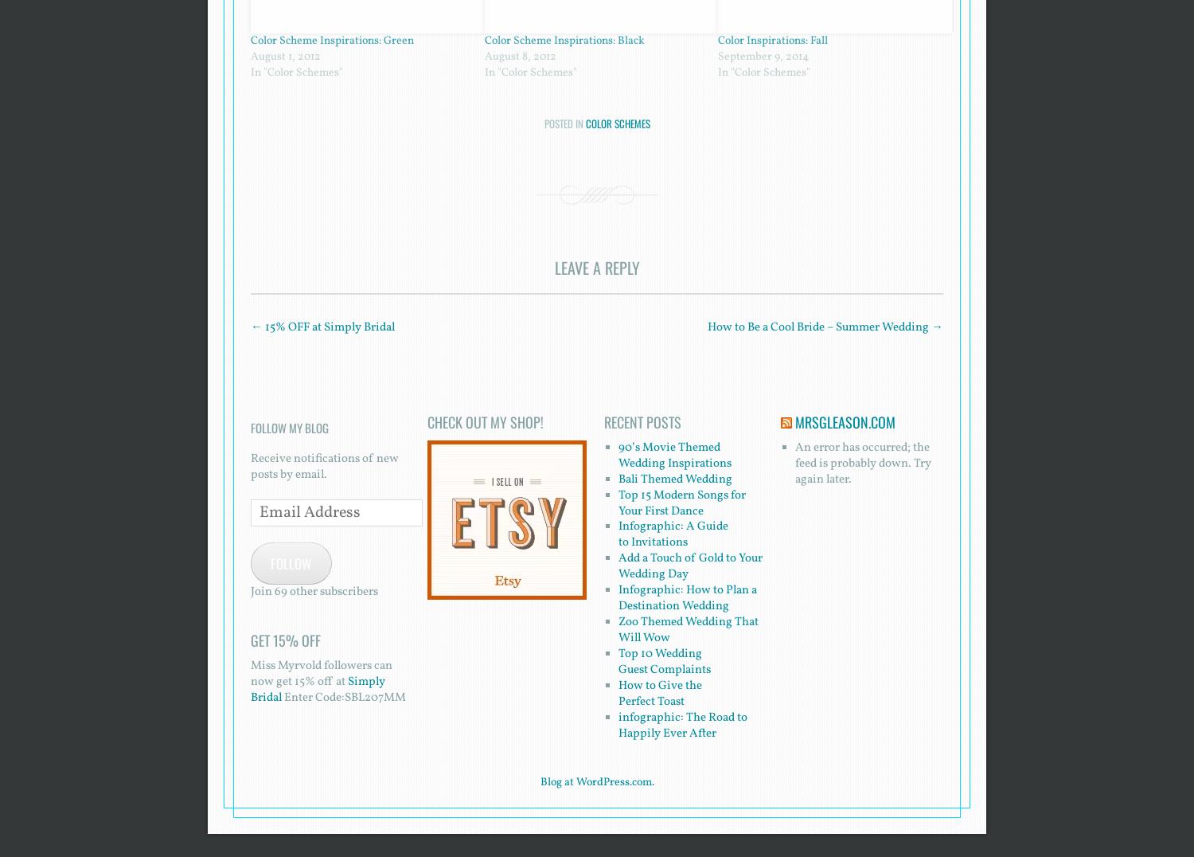 This screenshot has width=1194, height=857. What do you see at coordinates (617, 479) in the screenshot?
I see `'Bali Themed Wedding'` at bounding box center [617, 479].